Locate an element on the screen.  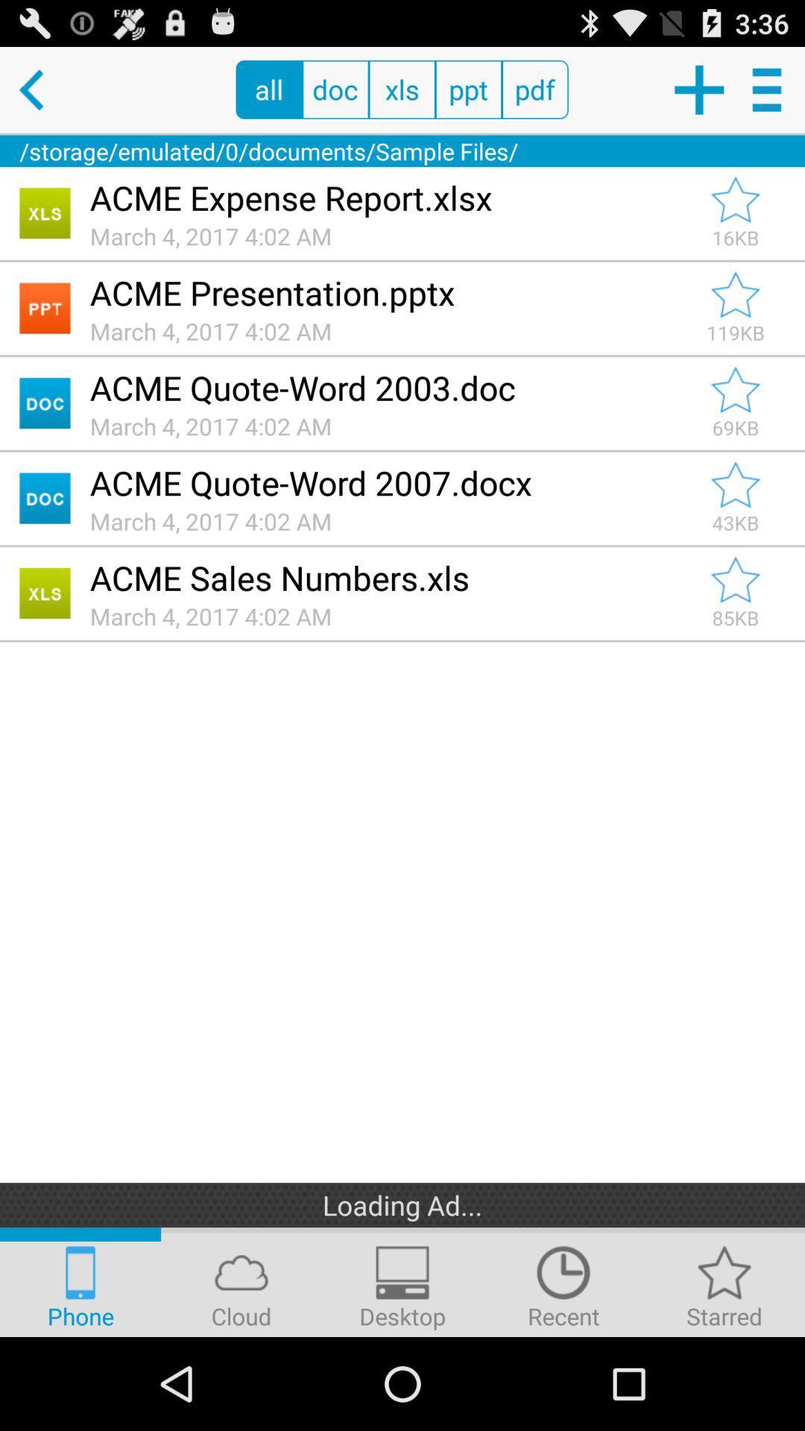
new document is located at coordinates (698, 89).